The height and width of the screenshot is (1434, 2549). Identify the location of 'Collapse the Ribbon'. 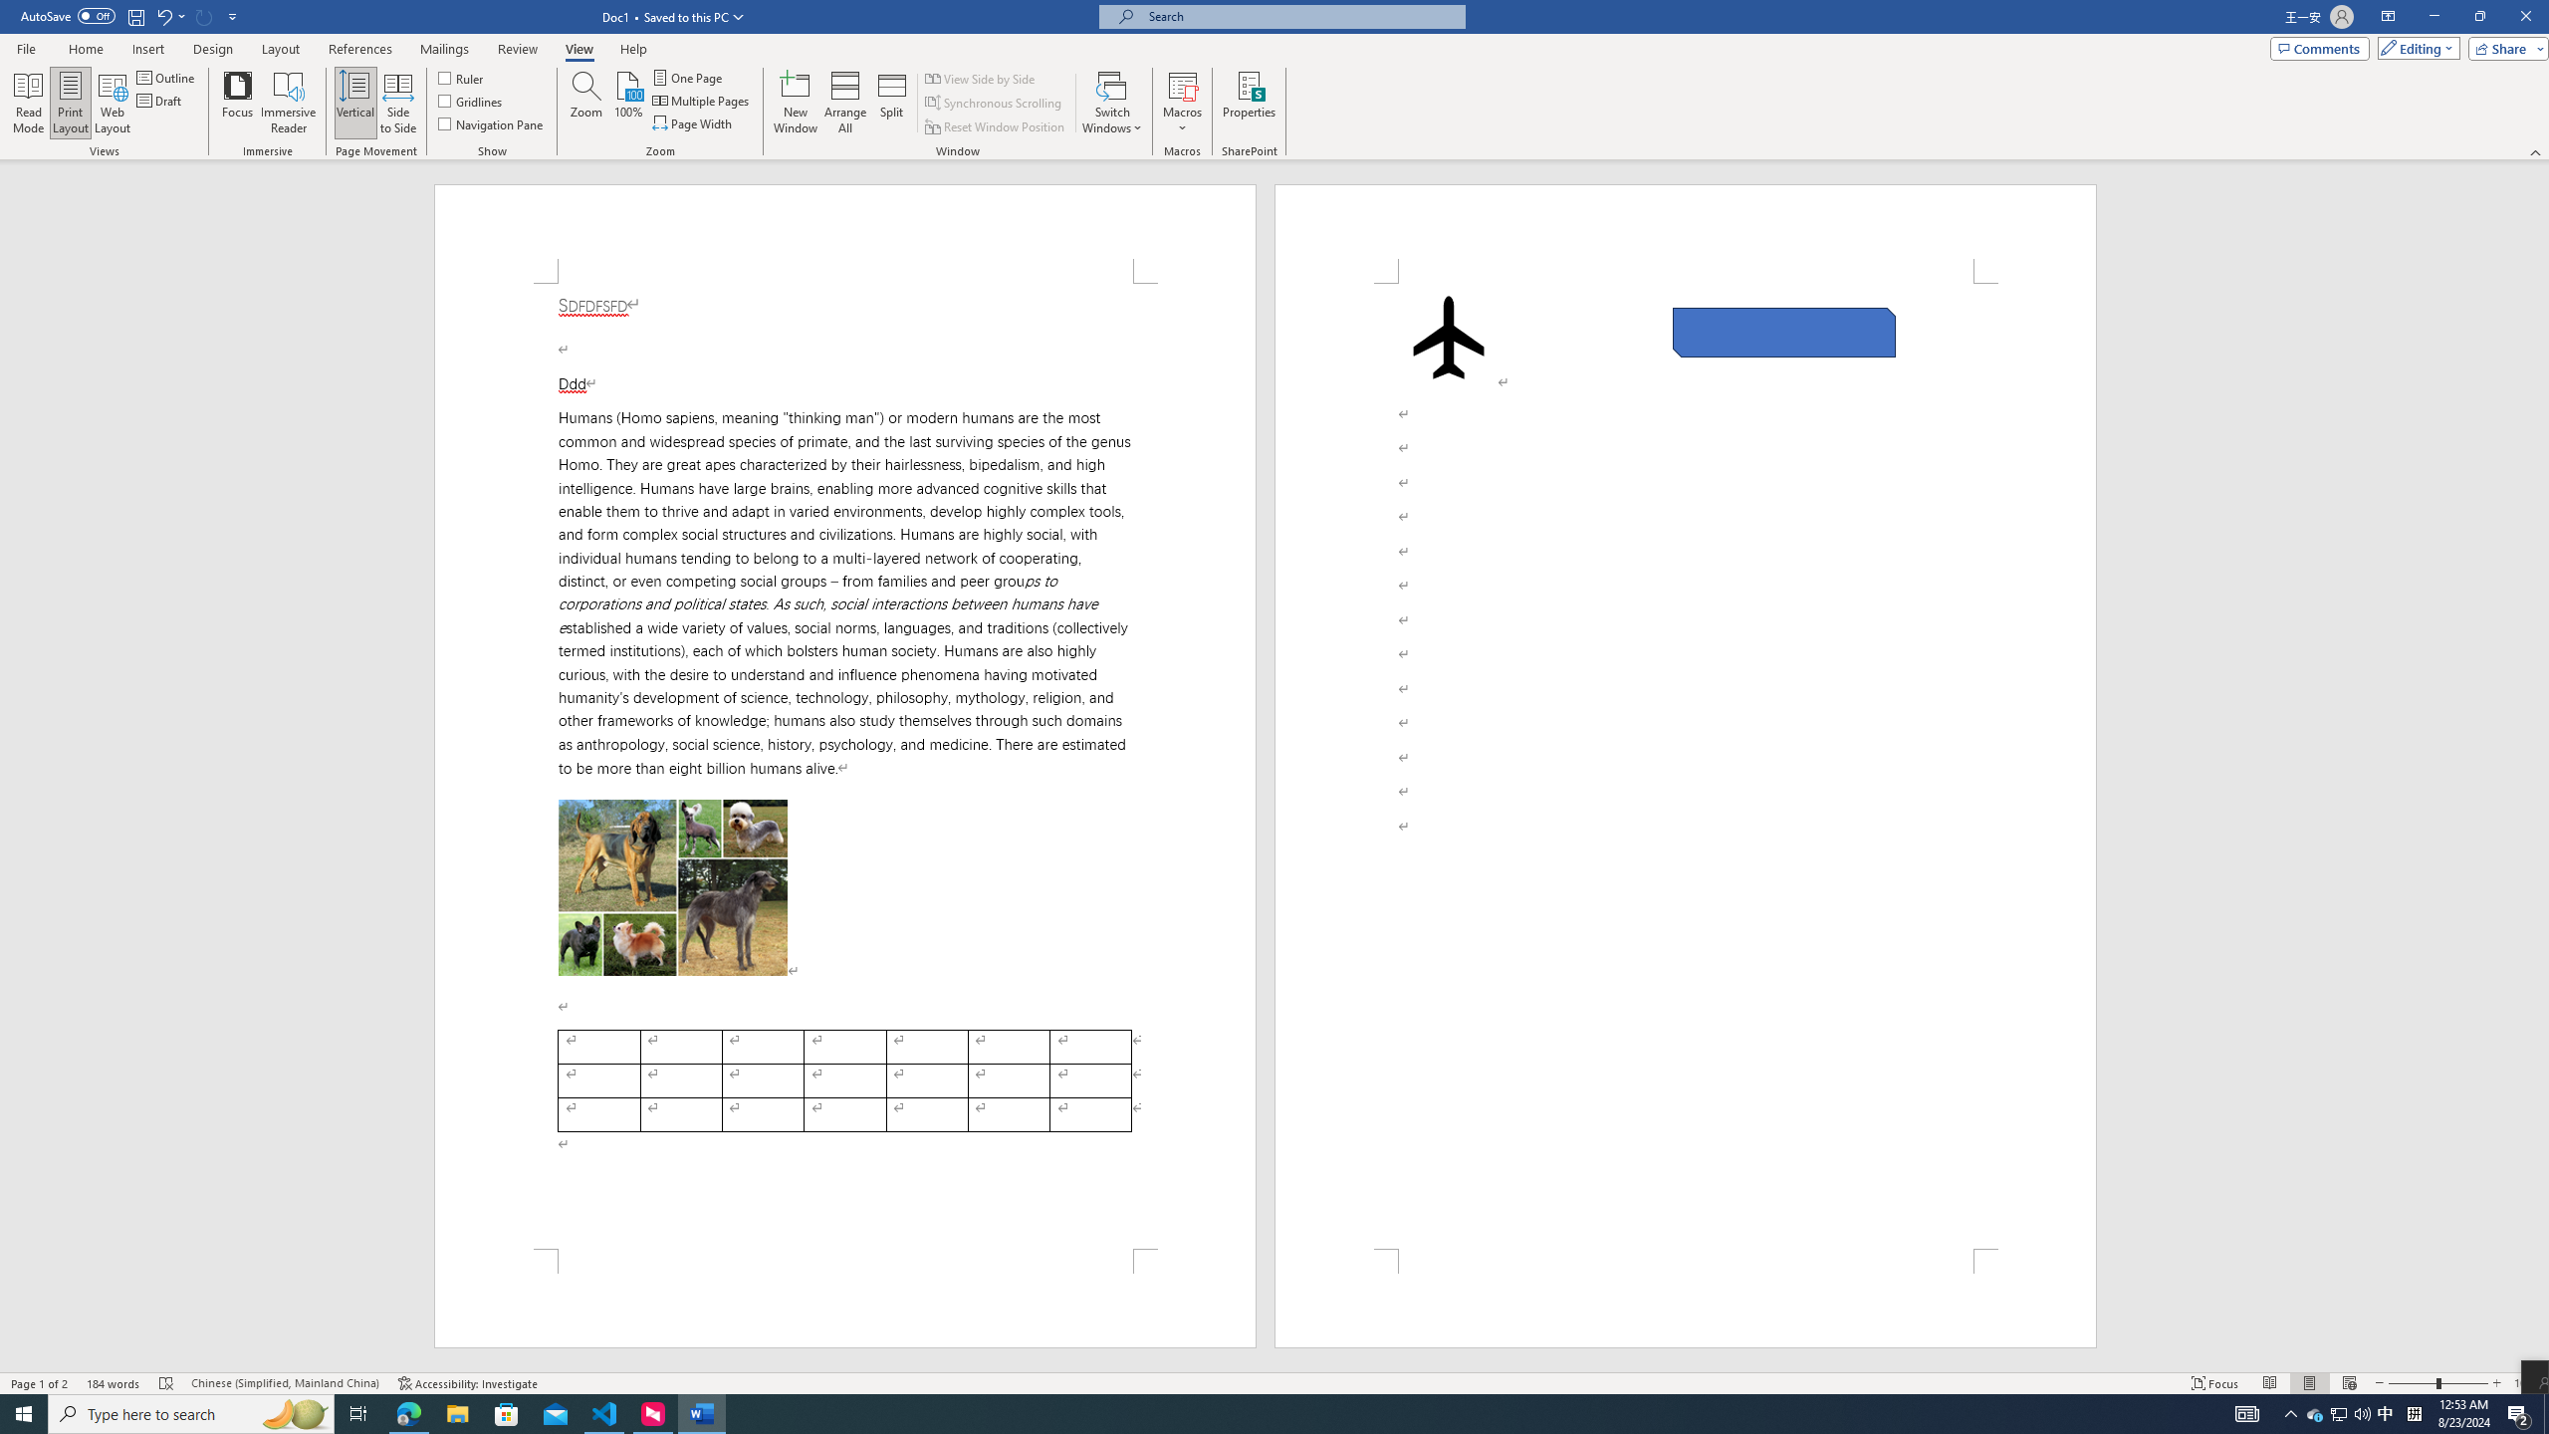
(2536, 152).